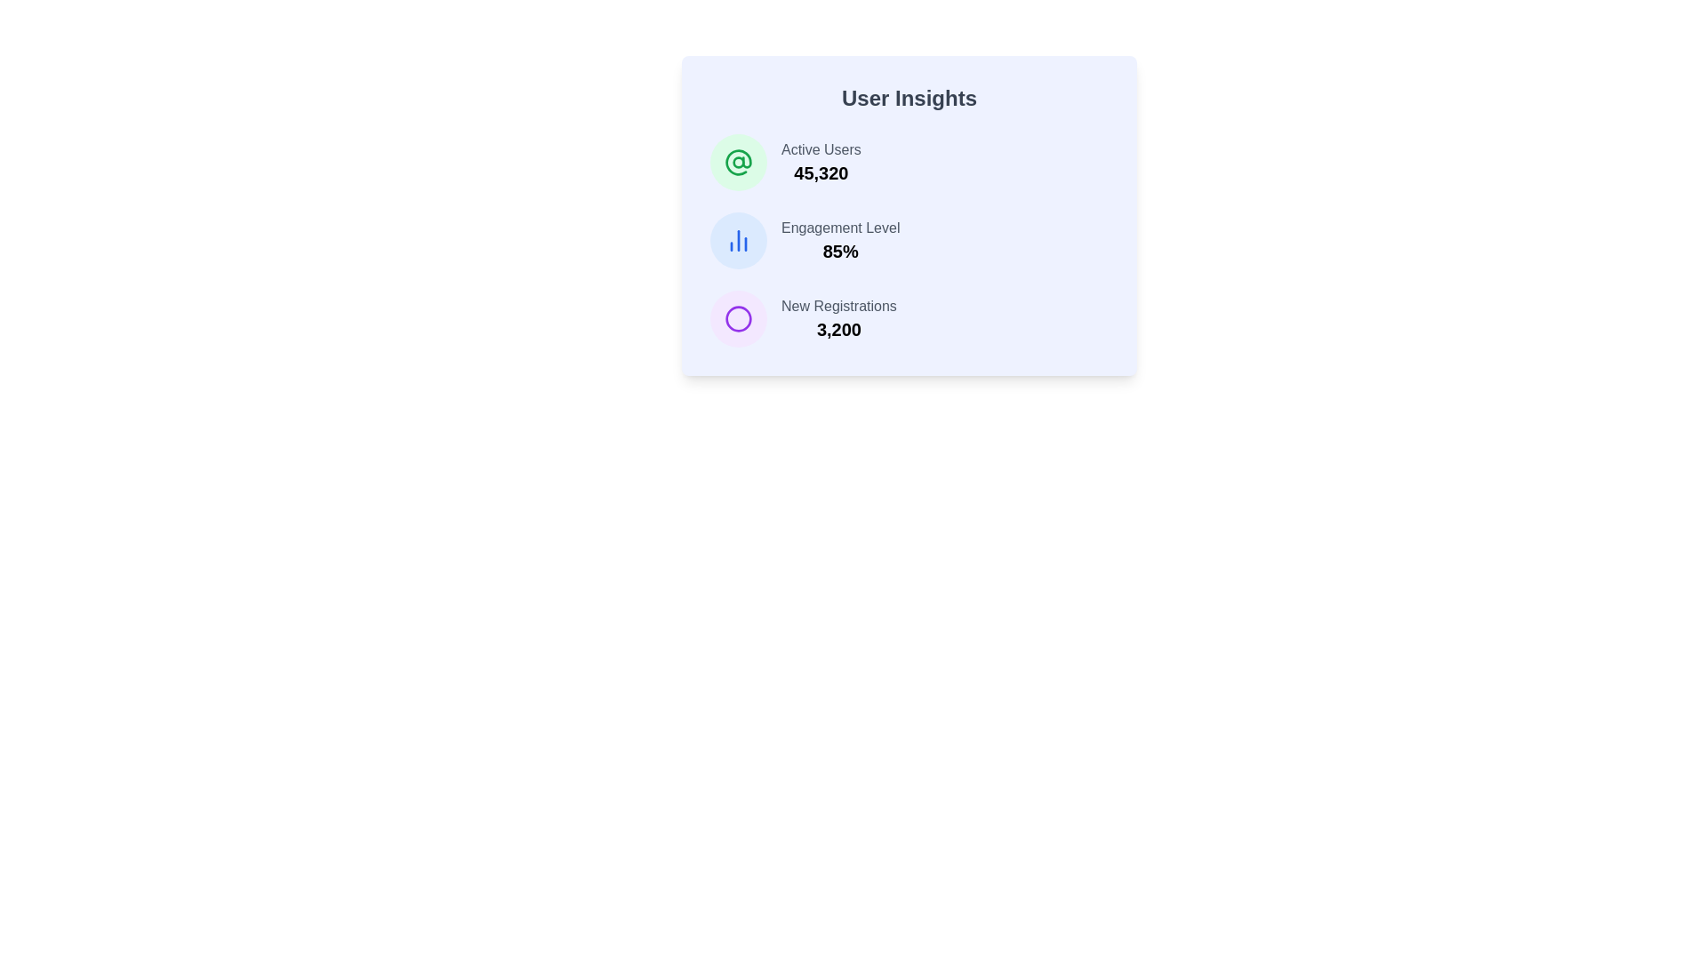 The width and height of the screenshot is (1707, 960). Describe the element at coordinates (738, 317) in the screenshot. I see `the innermost SVG Circle representing 'New Registrations' visually highlighting the metric of 3,200` at that location.